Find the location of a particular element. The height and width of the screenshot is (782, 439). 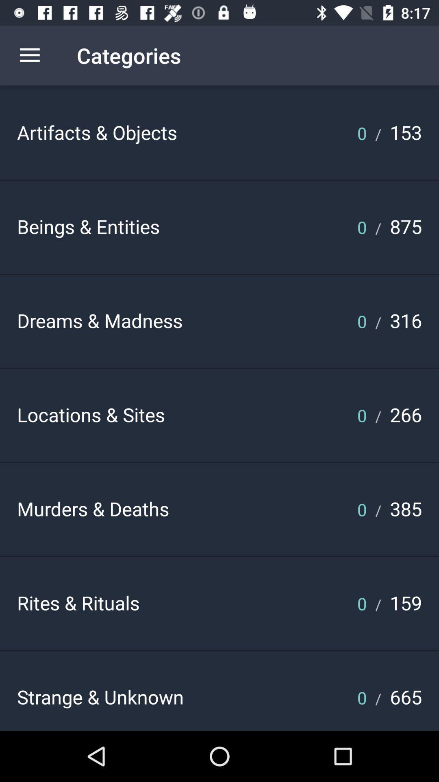

the icon next to the categories icon is located at coordinates (29, 55).